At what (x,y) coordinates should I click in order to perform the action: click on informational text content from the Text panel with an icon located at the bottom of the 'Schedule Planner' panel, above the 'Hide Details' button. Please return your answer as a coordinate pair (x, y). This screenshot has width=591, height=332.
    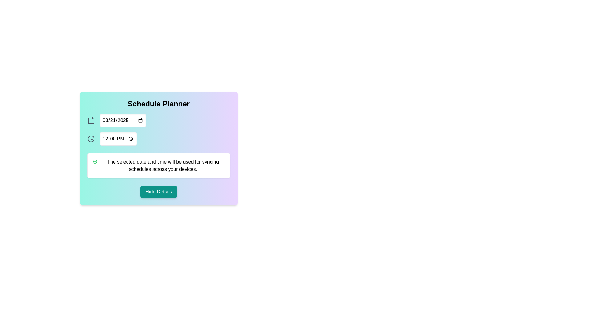
    Looking at the image, I should click on (159, 165).